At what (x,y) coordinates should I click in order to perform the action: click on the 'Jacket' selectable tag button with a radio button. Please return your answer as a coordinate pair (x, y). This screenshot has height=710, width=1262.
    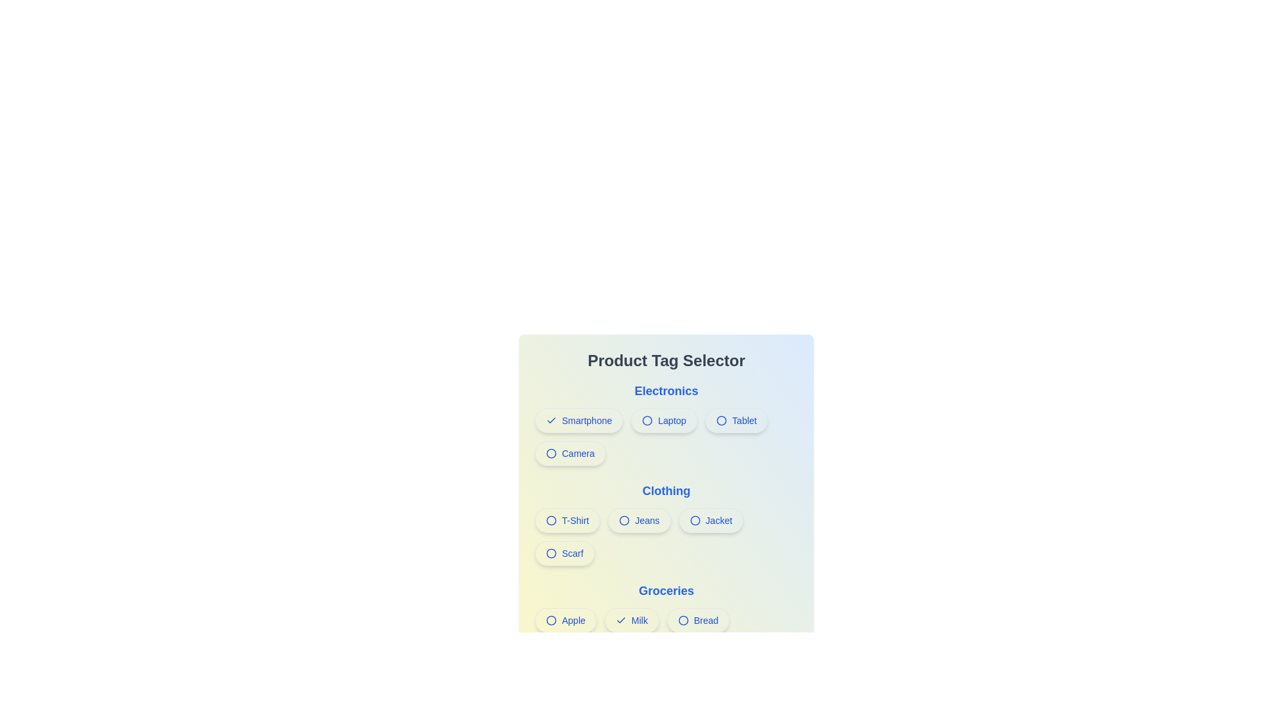
    Looking at the image, I should click on (710, 519).